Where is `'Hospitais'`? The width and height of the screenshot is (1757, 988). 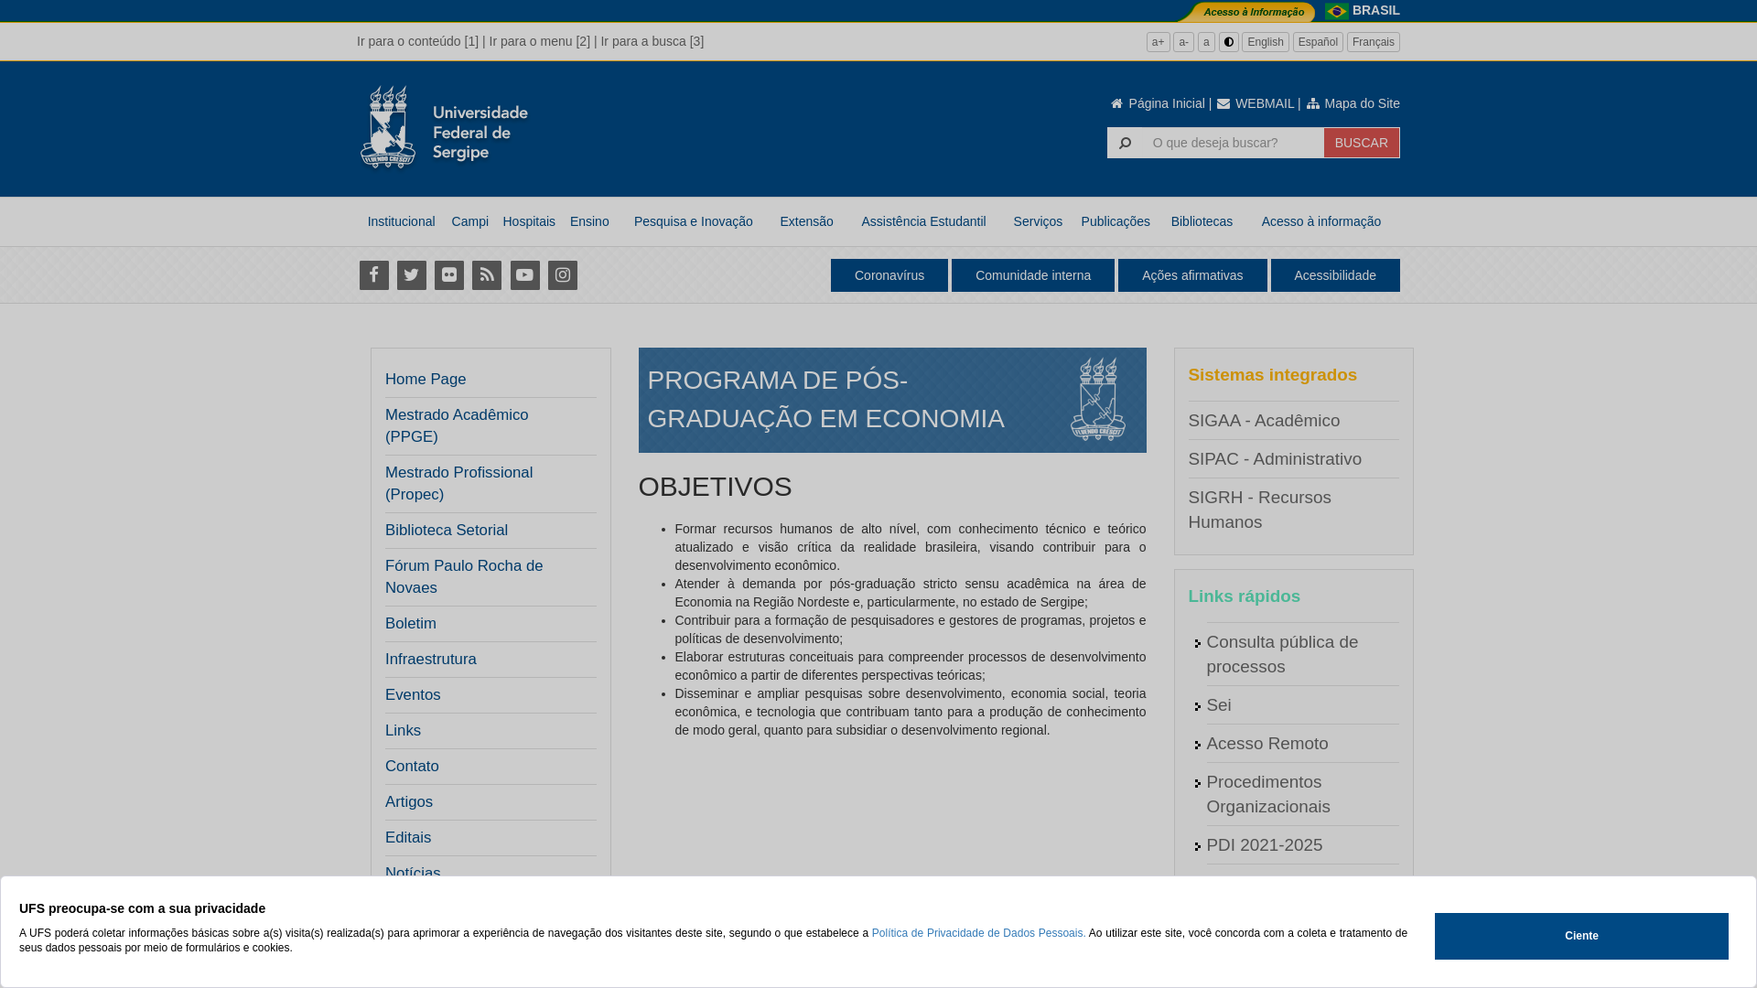 'Hospitais' is located at coordinates (527, 220).